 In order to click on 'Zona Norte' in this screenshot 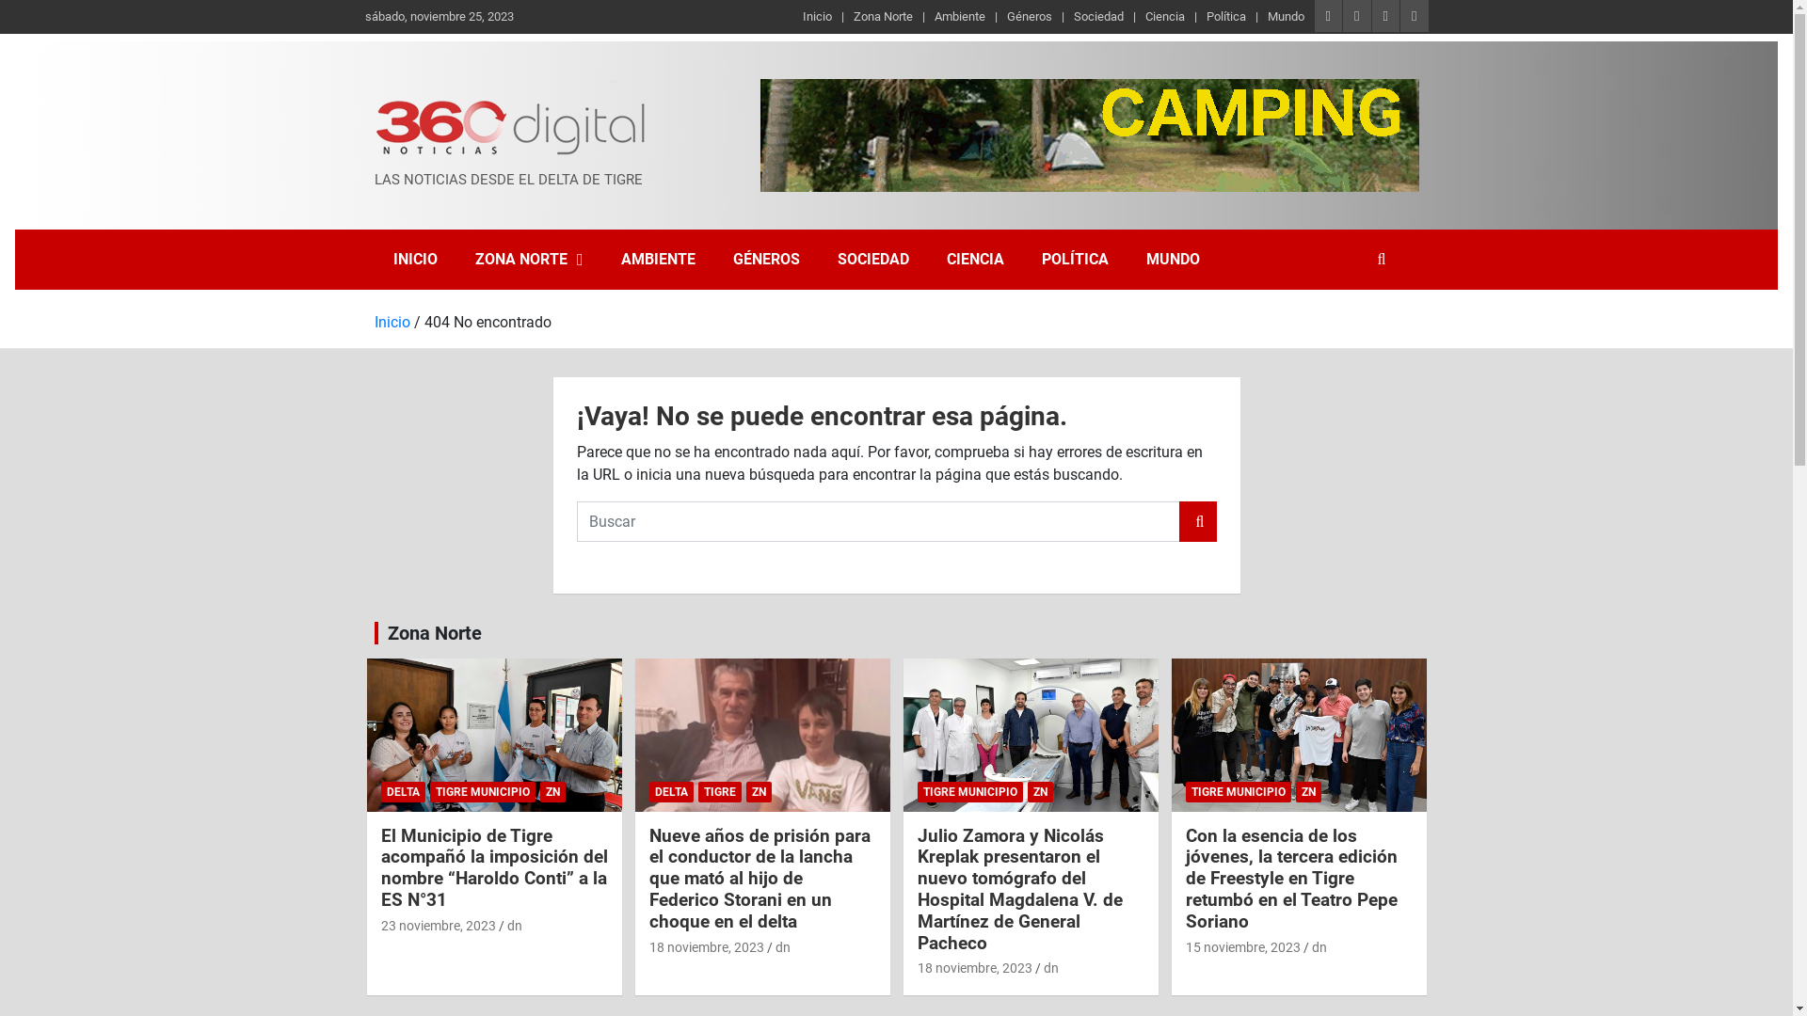, I will do `click(433, 632)`.